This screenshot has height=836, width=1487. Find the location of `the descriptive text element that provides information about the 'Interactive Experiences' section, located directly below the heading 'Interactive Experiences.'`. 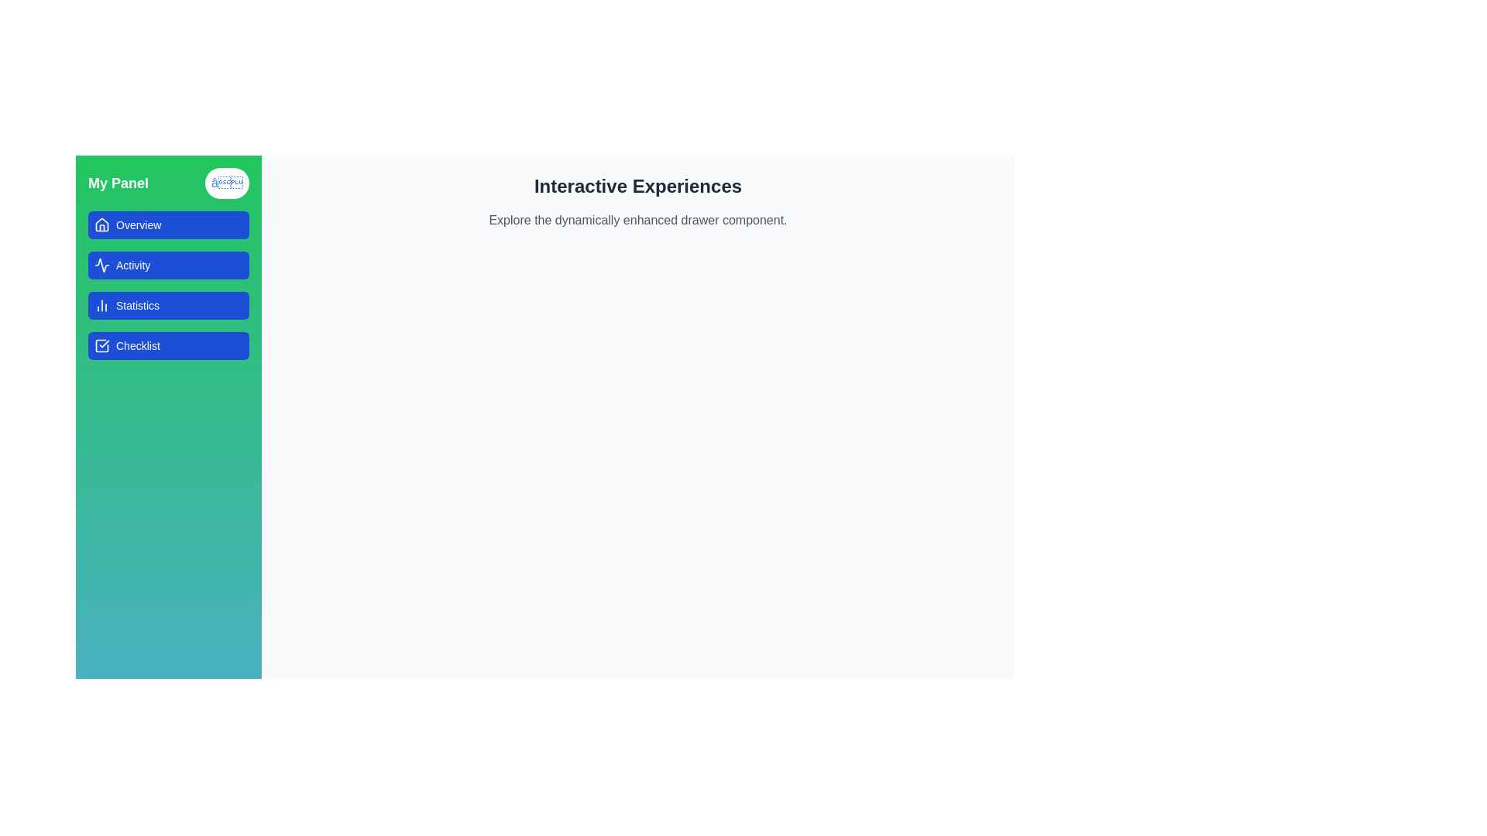

the descriptive text element that provides information about the 'Interactive Experiences' section, located directly below the heading 'Interactive Experiences.' is located at coordinates (638, 221).